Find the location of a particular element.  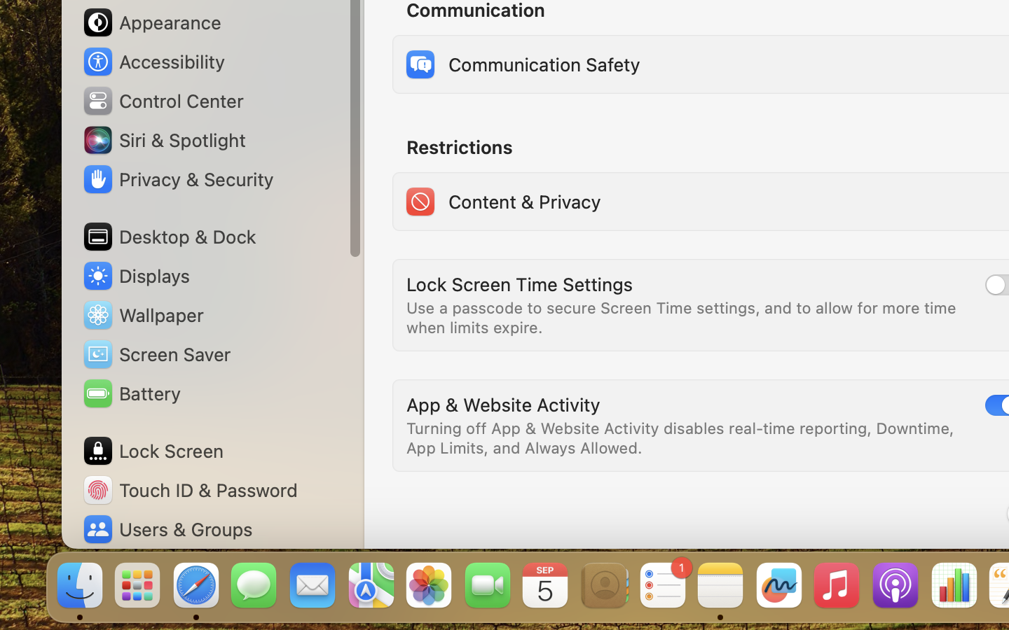

'Accessibility' is located at coordinates (153, 61).